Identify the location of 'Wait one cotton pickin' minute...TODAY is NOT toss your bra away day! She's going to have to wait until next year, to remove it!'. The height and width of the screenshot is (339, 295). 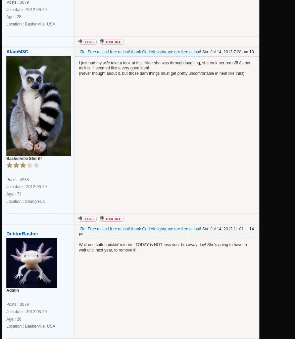
(79, 247).